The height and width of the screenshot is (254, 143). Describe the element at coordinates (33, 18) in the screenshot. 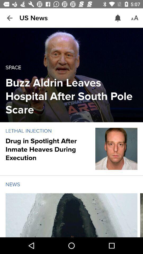

I see `us news item` at that location.